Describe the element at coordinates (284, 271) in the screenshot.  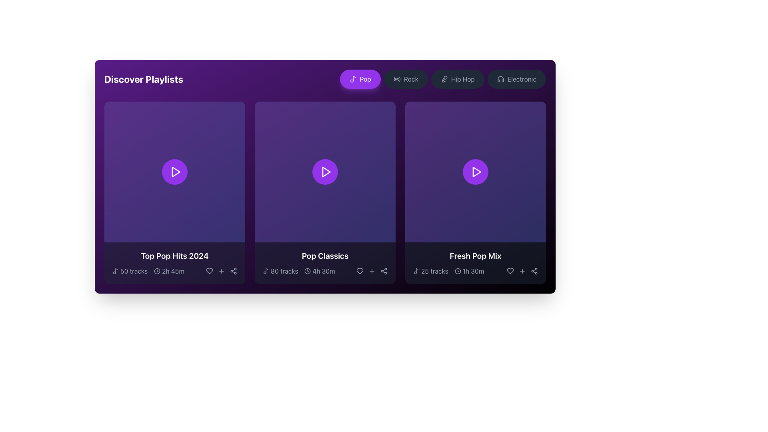
I see `the text label displaying '80 tracks' located in the lower-left corner of the 'Pop Classics' card in the middle column of the grid` at that location.